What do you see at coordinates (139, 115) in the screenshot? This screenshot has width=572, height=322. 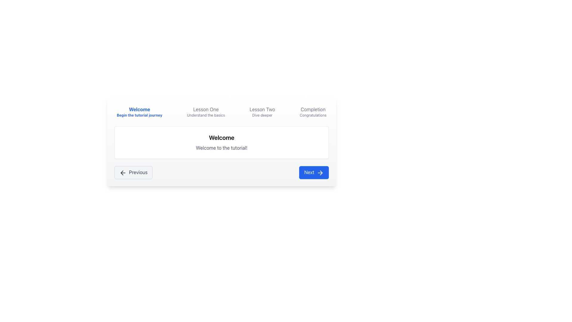 I see `text label displaying 'Begin the tutorial journey', which is located below the 'Welcome' text in the upper left portion of the interface` at bounding box center [139, 115].